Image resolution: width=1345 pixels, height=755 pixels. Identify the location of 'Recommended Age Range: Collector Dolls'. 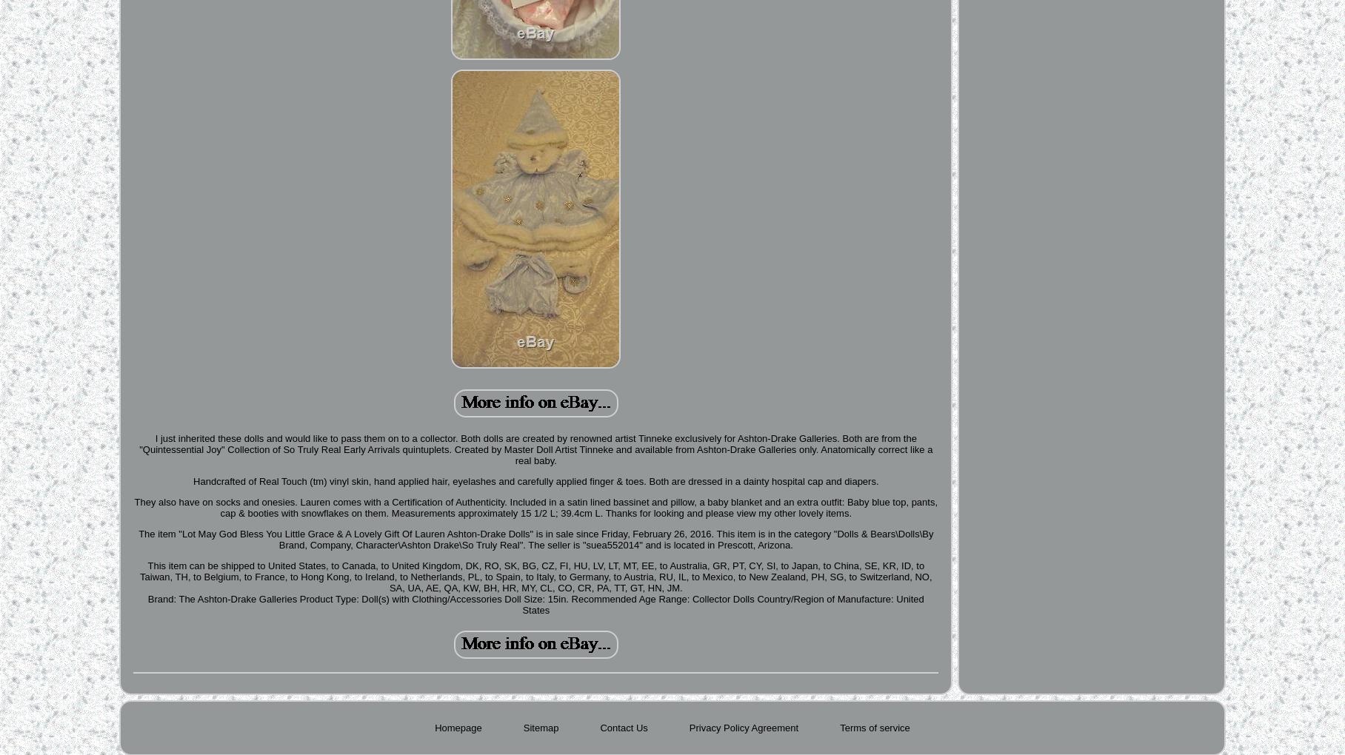
(661, 599).